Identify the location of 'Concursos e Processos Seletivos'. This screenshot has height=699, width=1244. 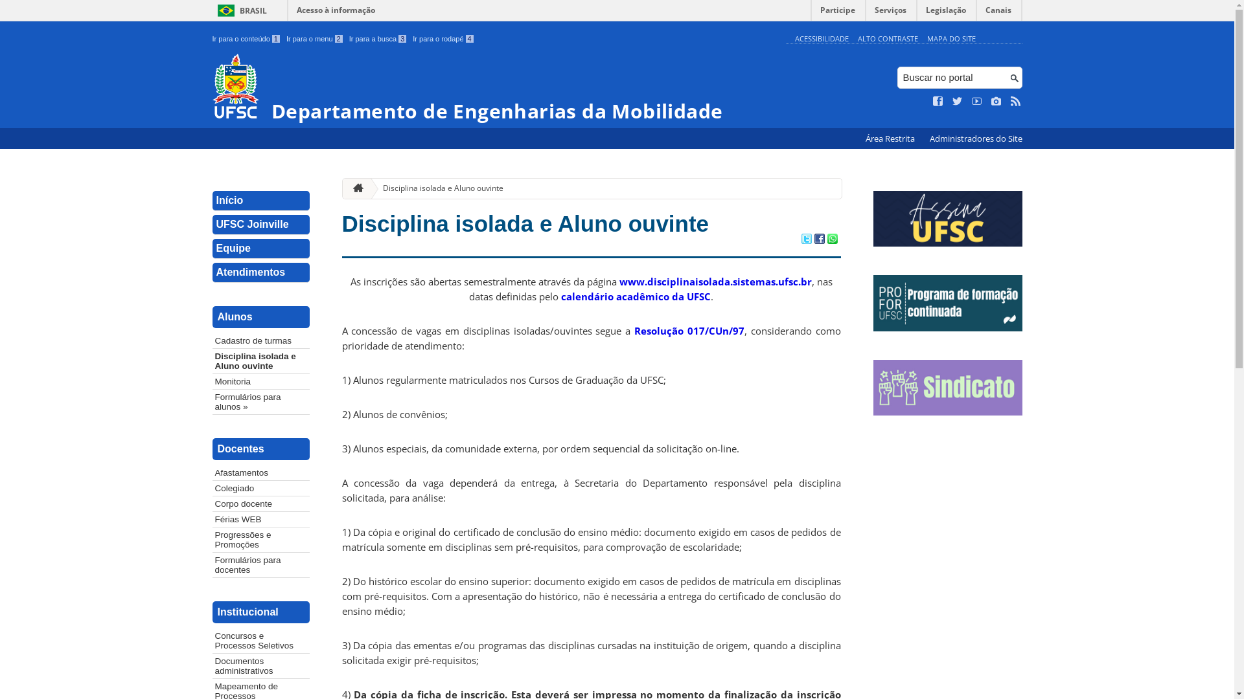
(260, 641).